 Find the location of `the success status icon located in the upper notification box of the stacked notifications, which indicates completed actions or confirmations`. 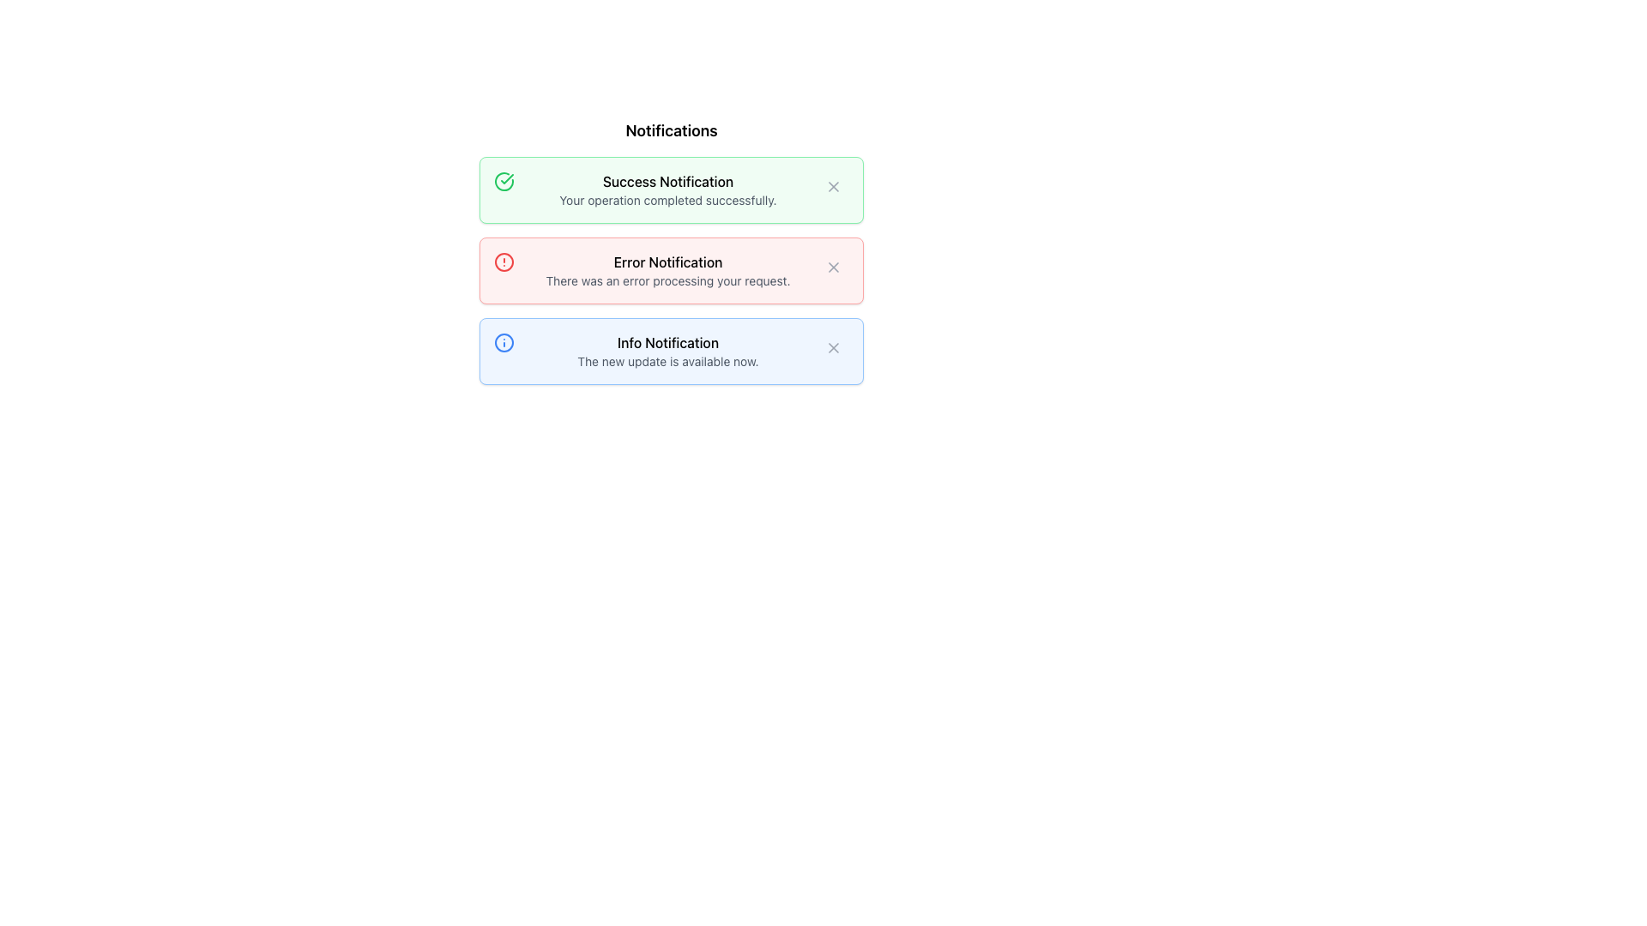

the success status icon located in the upper notification box of the stacked notifications, which indicates completed actions or confirmations is located at coordinates (504, 182).